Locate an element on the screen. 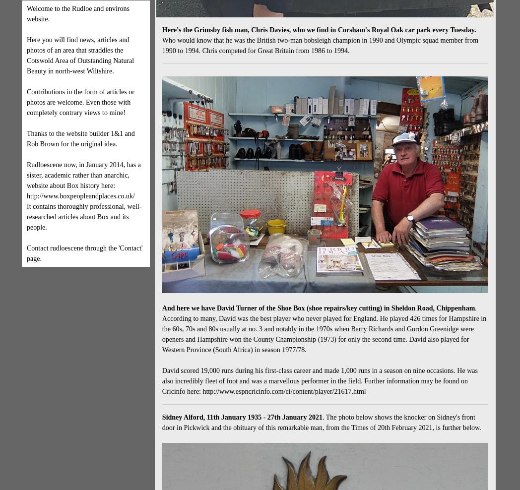 This screenshot has width=520, height=490. 'David scored 19,000 runs during his first-class career and made 1,000 runs in a season on nine occasions. He was also incredibly fleet of foot and was a marvellous performer in the field. Further
information may be found on Cricinfo here: http://www.espncricinfo.com/ci/content/player/21617.html' is located at coordinates (162, 380).